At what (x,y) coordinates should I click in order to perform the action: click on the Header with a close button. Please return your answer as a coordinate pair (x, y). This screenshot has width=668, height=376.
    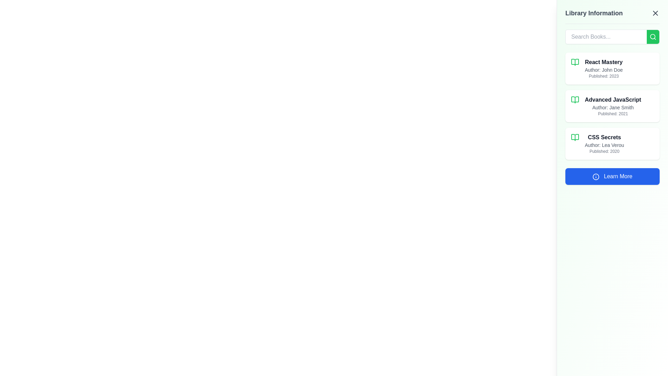
    Looking at the image, I should click on (612, 16).